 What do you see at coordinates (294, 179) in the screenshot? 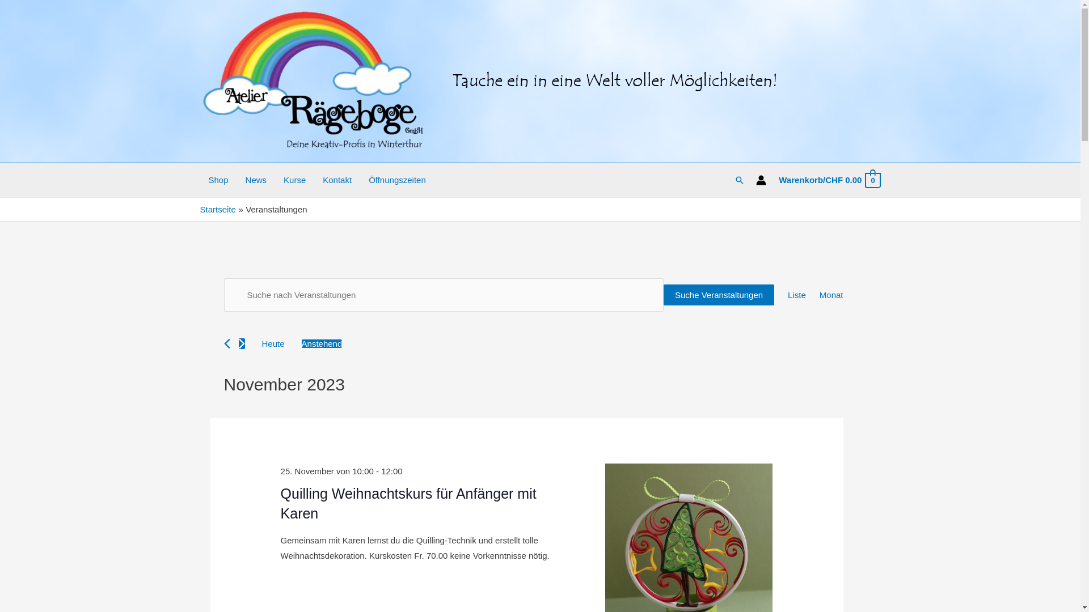
I see `'Kurse'` at bounding box center [294, 179].